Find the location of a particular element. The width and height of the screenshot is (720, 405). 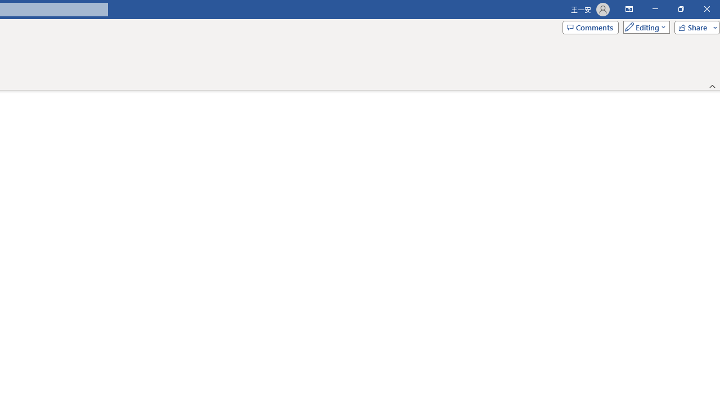

'Share' is located at coordinates (694, 26).